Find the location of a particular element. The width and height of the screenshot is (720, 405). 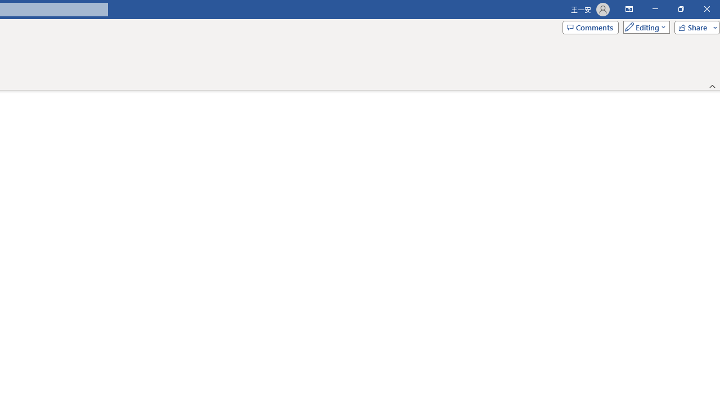

'Share' is located at coordinates (694, 26).